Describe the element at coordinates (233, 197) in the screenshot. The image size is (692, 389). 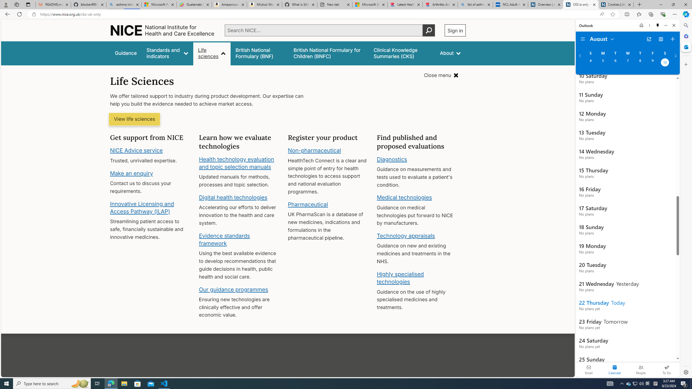
I see `'Digital health technologies'` at that location.